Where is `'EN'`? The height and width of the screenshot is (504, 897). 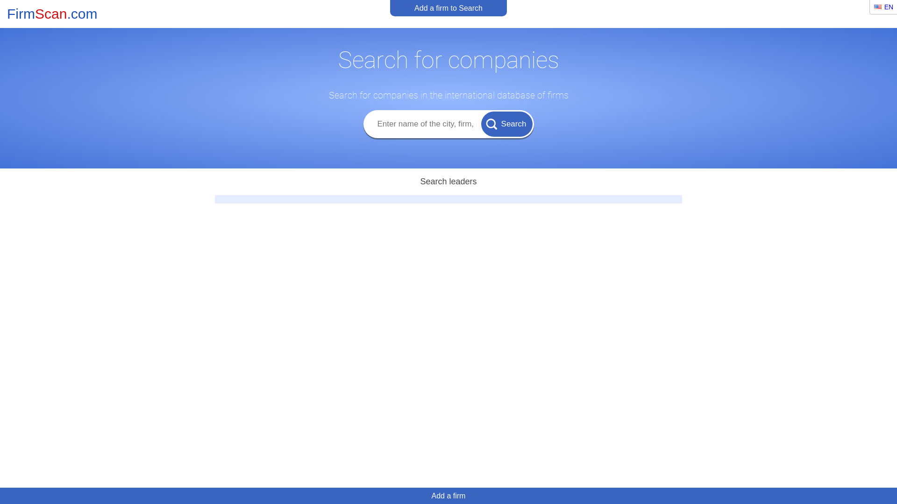 'EN' is located at coordinates (883, 7).